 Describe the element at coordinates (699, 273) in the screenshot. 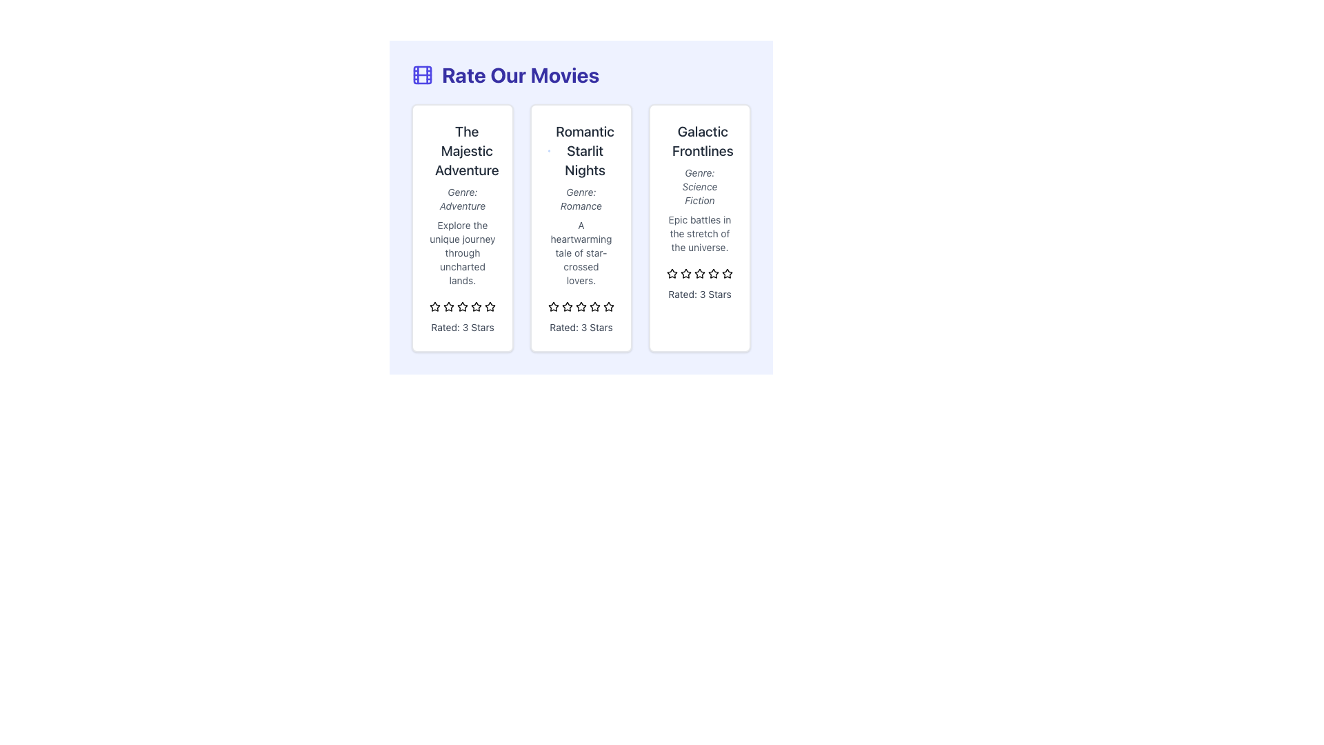

I see `the third interactive star icon in the rating system for the card titled 'Galactic Frontlines'` at that location.